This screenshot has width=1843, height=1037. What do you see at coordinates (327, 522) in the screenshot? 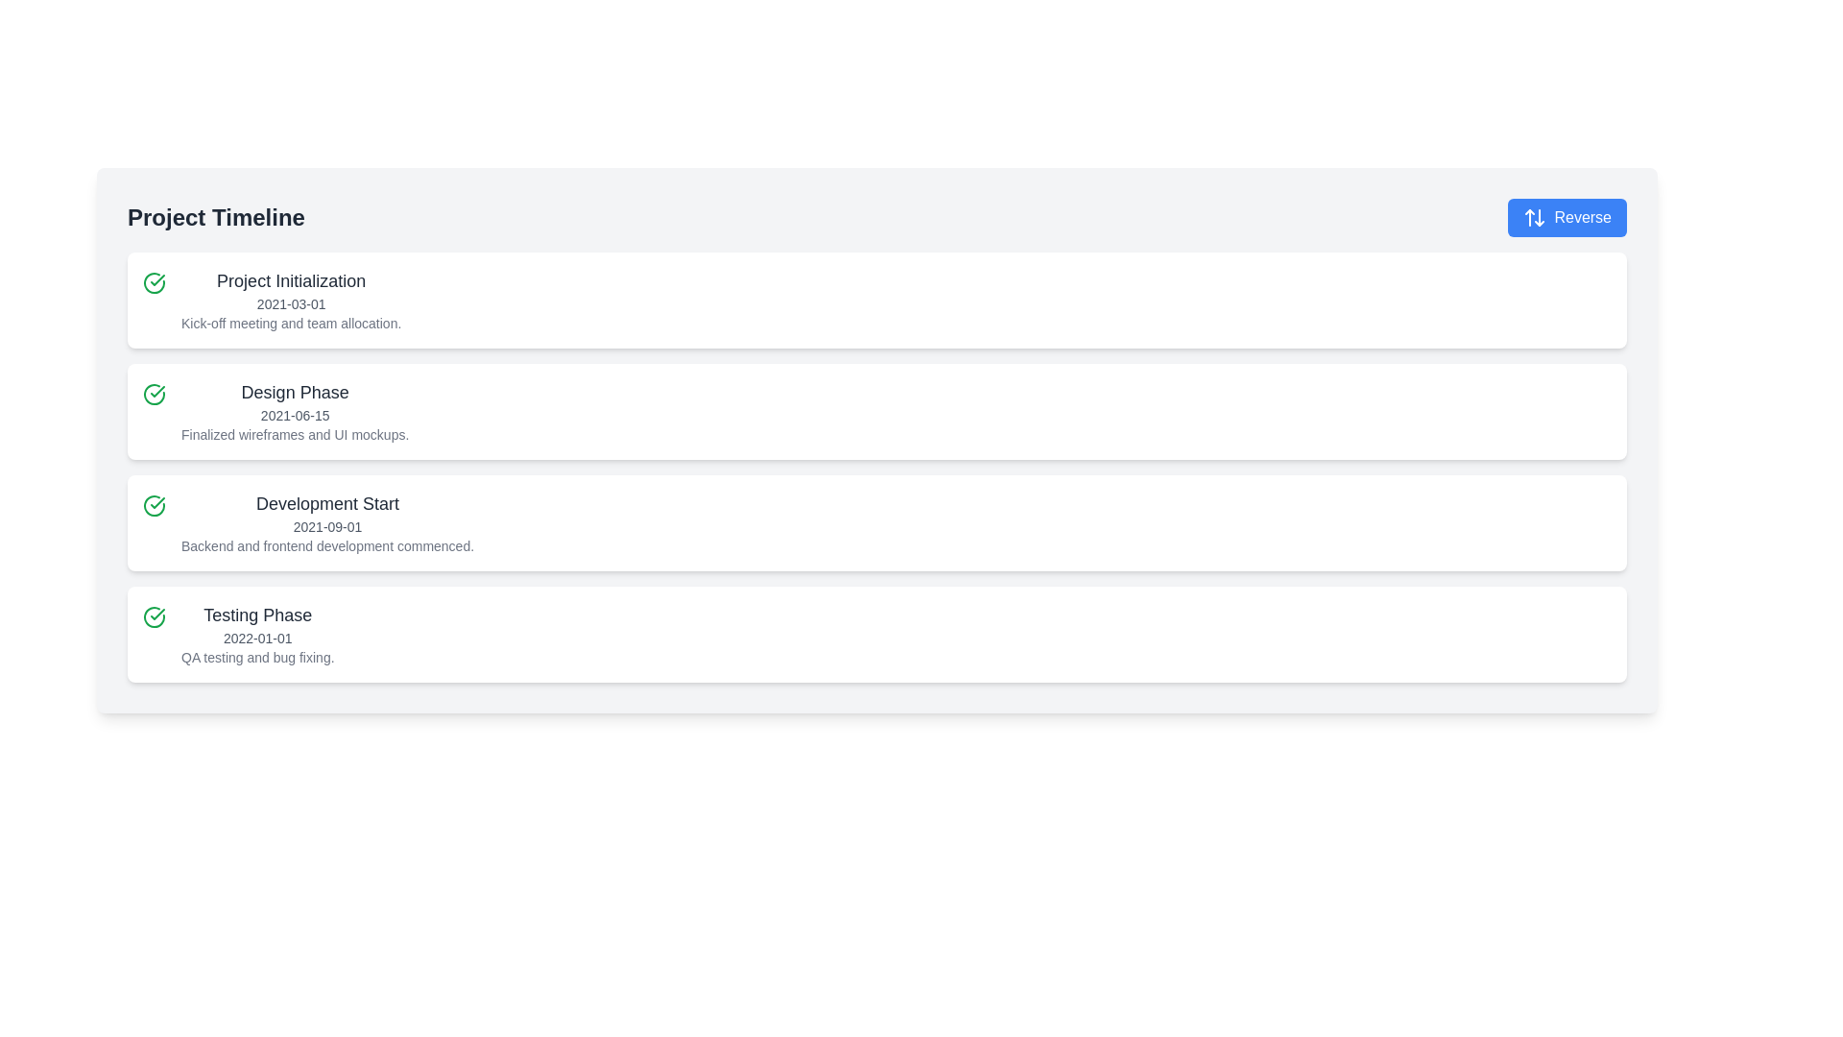
I see `the interactive elements related to the milestone represented by the Text Block indicating the start of the development phase, which is the third item in the project timeline list` at bounding box center [327, 522].